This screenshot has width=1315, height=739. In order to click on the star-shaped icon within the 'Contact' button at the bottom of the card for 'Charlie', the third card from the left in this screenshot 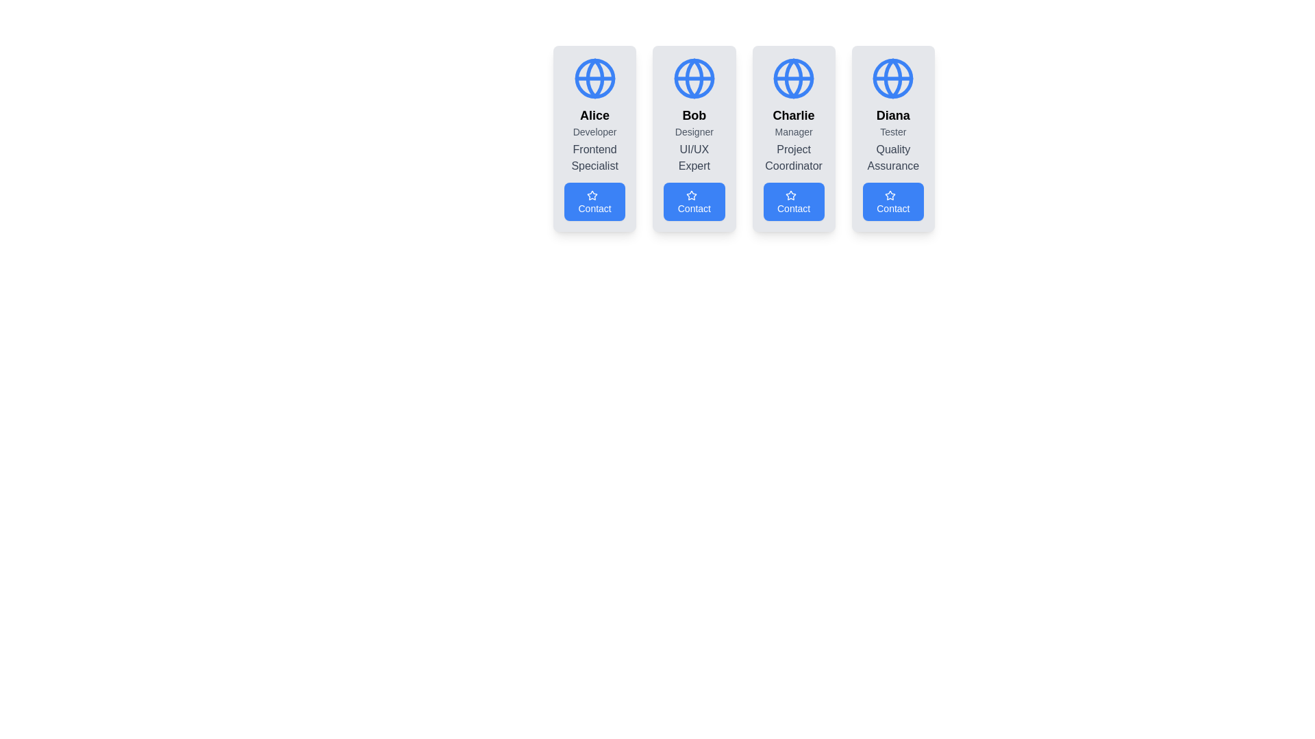, I will do `click(791, 196)`.